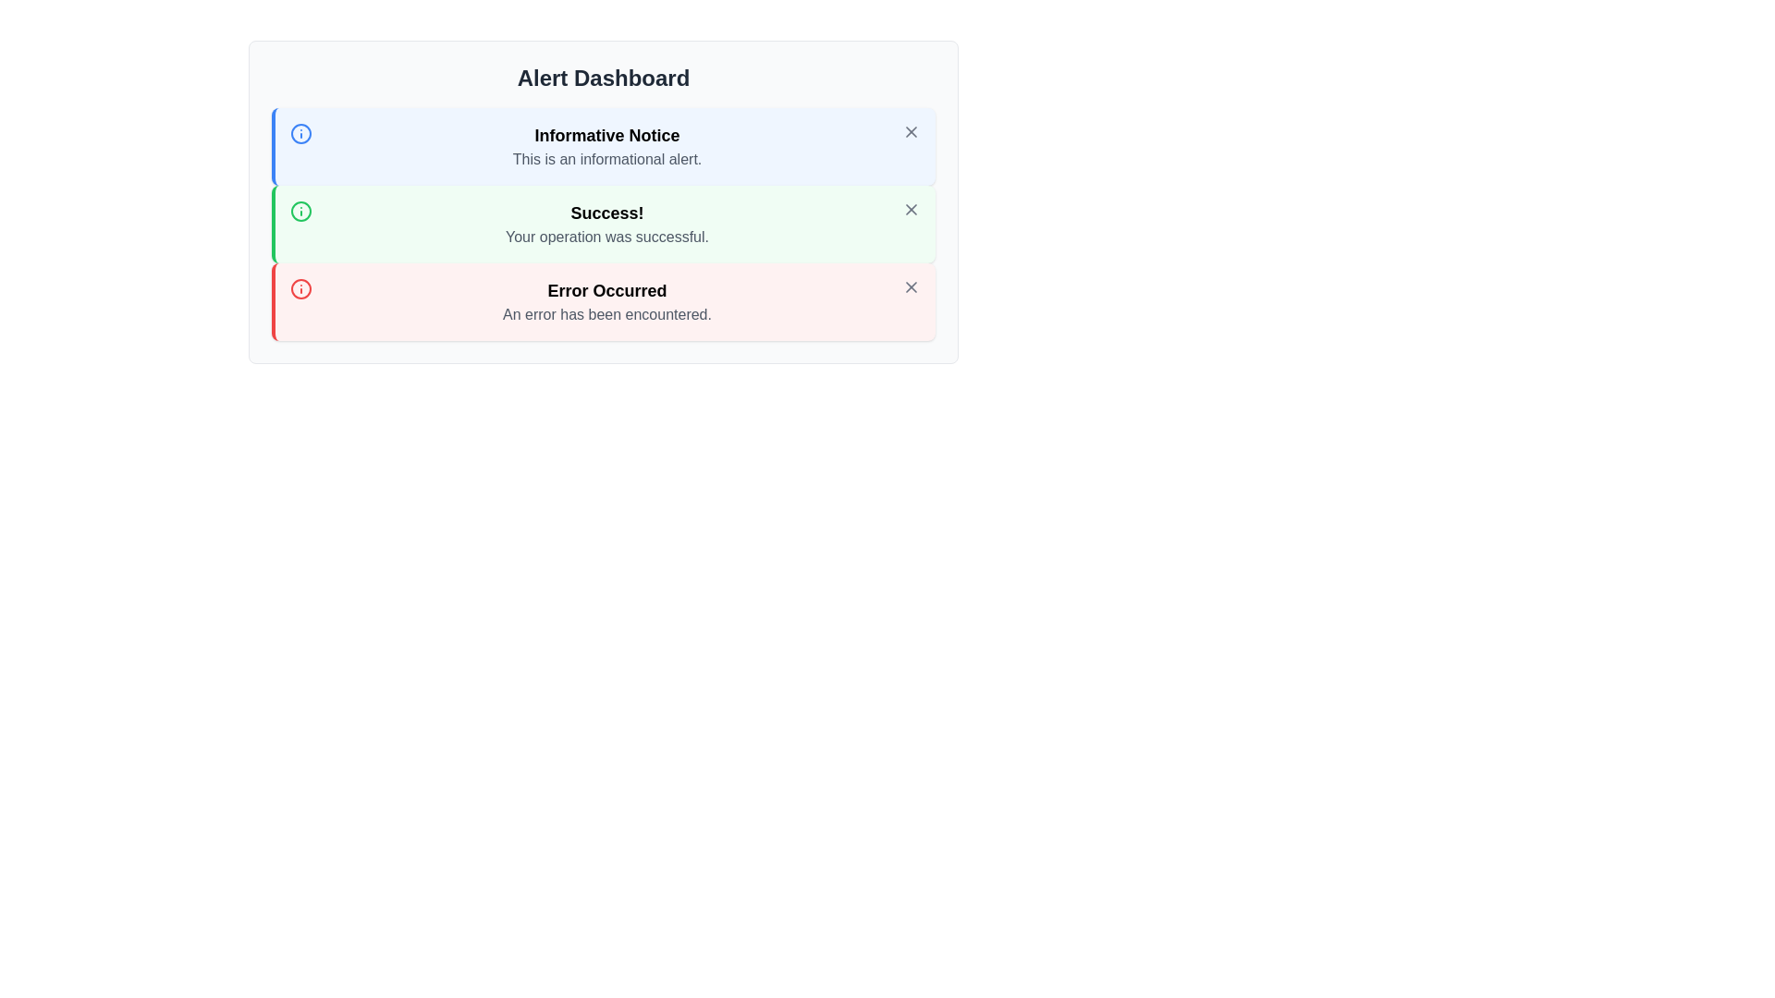  What do you see at coordinates (911, 130) in the screenshot?
I see `the small X-shaped icon in the top-right corner of the 'Informative Notice' alert` at bounding box center [911, 130].